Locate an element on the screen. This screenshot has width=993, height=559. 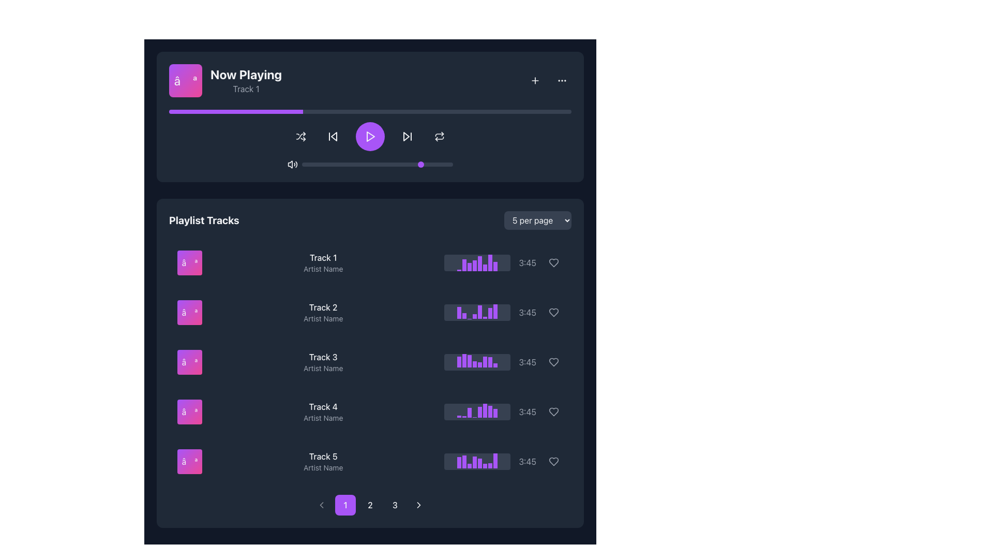
the fourth purple vertical bar in the histogram of the Playlist Tracks section is located at coordinates (474, 316).